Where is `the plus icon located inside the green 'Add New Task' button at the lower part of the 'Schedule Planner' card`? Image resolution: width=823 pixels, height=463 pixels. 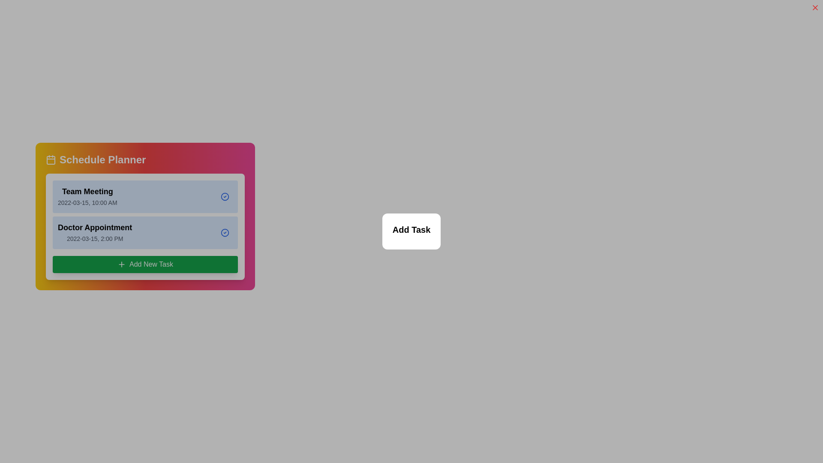
the plus icon located inside the green 'Add New Task' button at the lower part of the 'Schedule Planner' card is located at coordinates (121, 264).